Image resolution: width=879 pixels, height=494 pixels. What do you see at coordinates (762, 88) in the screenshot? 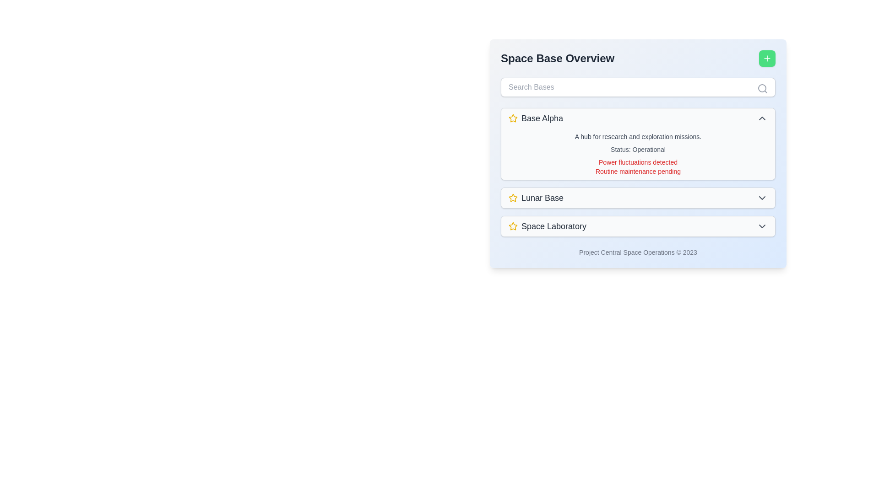
I see `the SVG Icon that indicates the search functionality located in the top-right corner of the 'Search Bases' input field` at bounding box center [762, 88].